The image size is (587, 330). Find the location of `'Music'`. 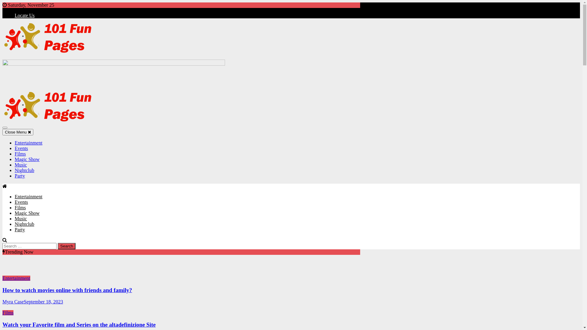

'Music' is located at coordinates (20, 164).